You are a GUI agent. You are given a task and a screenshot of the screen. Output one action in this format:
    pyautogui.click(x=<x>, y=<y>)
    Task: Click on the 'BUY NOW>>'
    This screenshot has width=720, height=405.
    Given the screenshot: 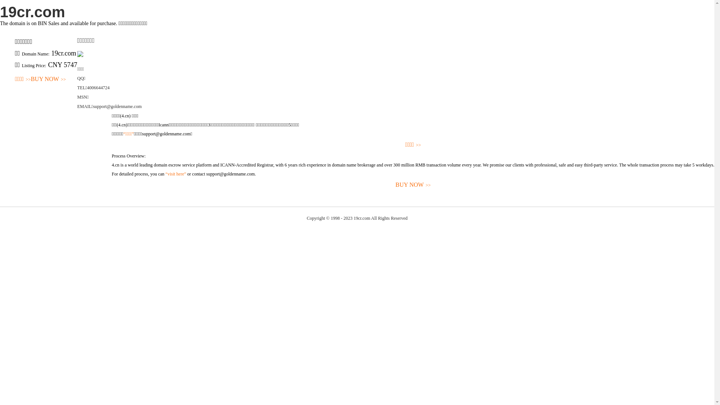 What is the action you would take?
    pyautogui.click(x=48, y=79)
    